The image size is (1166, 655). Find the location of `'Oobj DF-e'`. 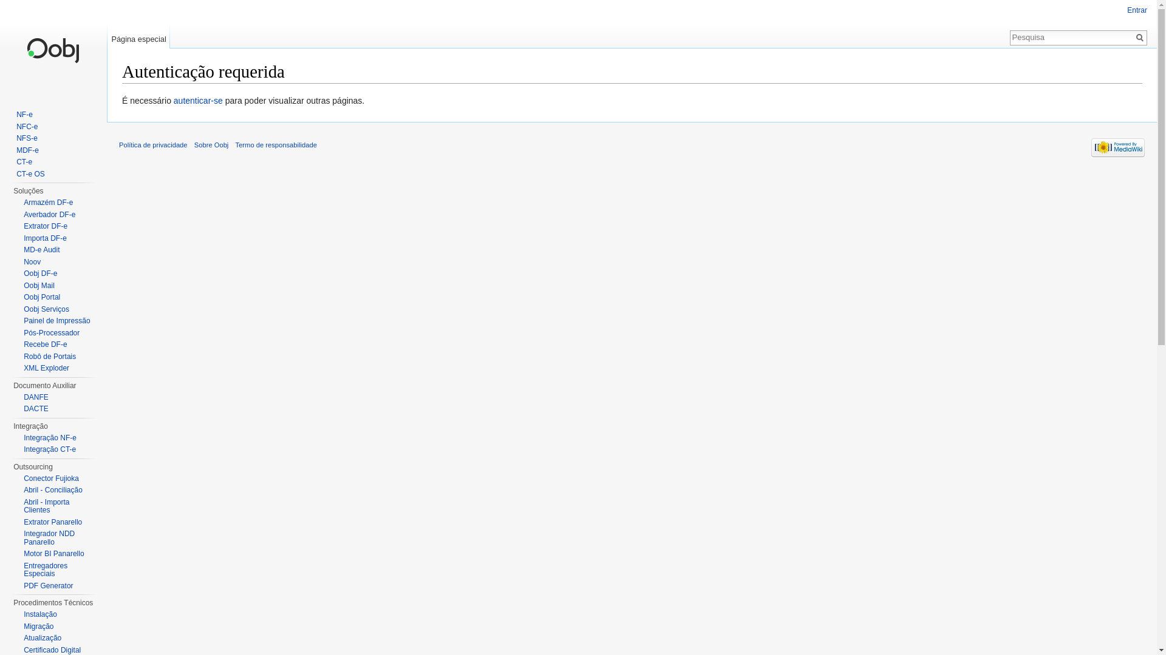

'Oobj DF-e' is located at coordinates (40, 274).